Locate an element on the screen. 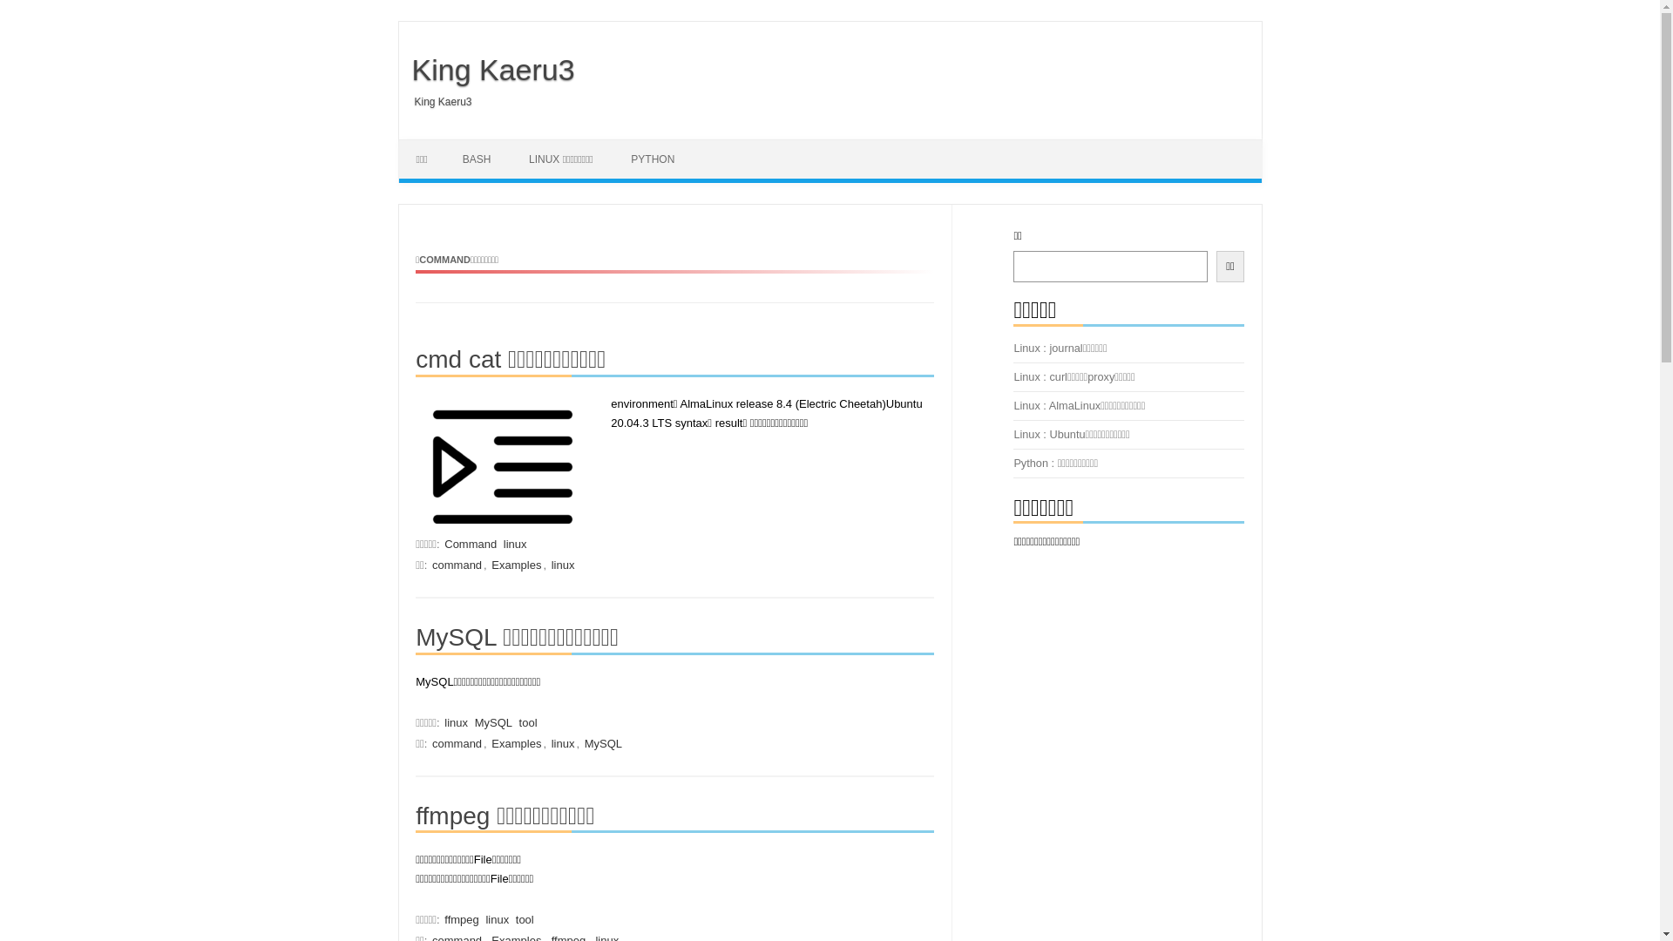  'King Kaeru3' is located at coordinates (397, 69).